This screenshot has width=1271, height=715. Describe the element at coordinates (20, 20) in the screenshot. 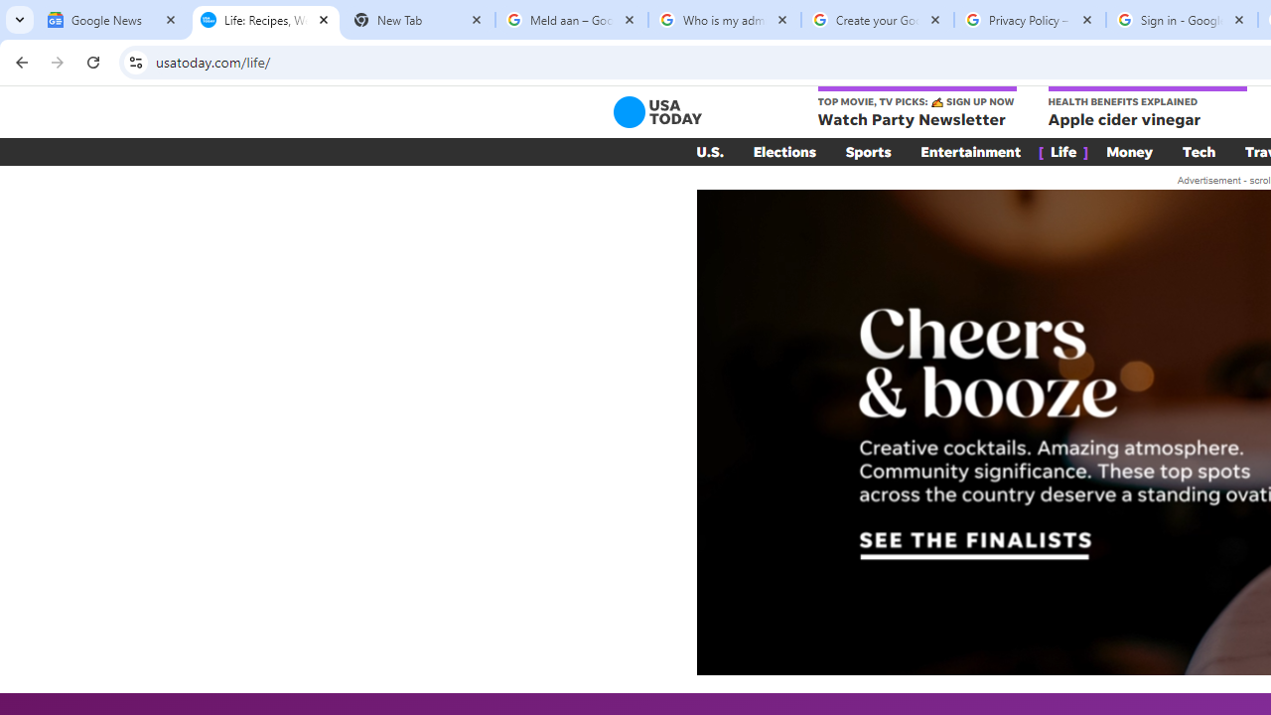

I see `'Search tabs'` at that location.